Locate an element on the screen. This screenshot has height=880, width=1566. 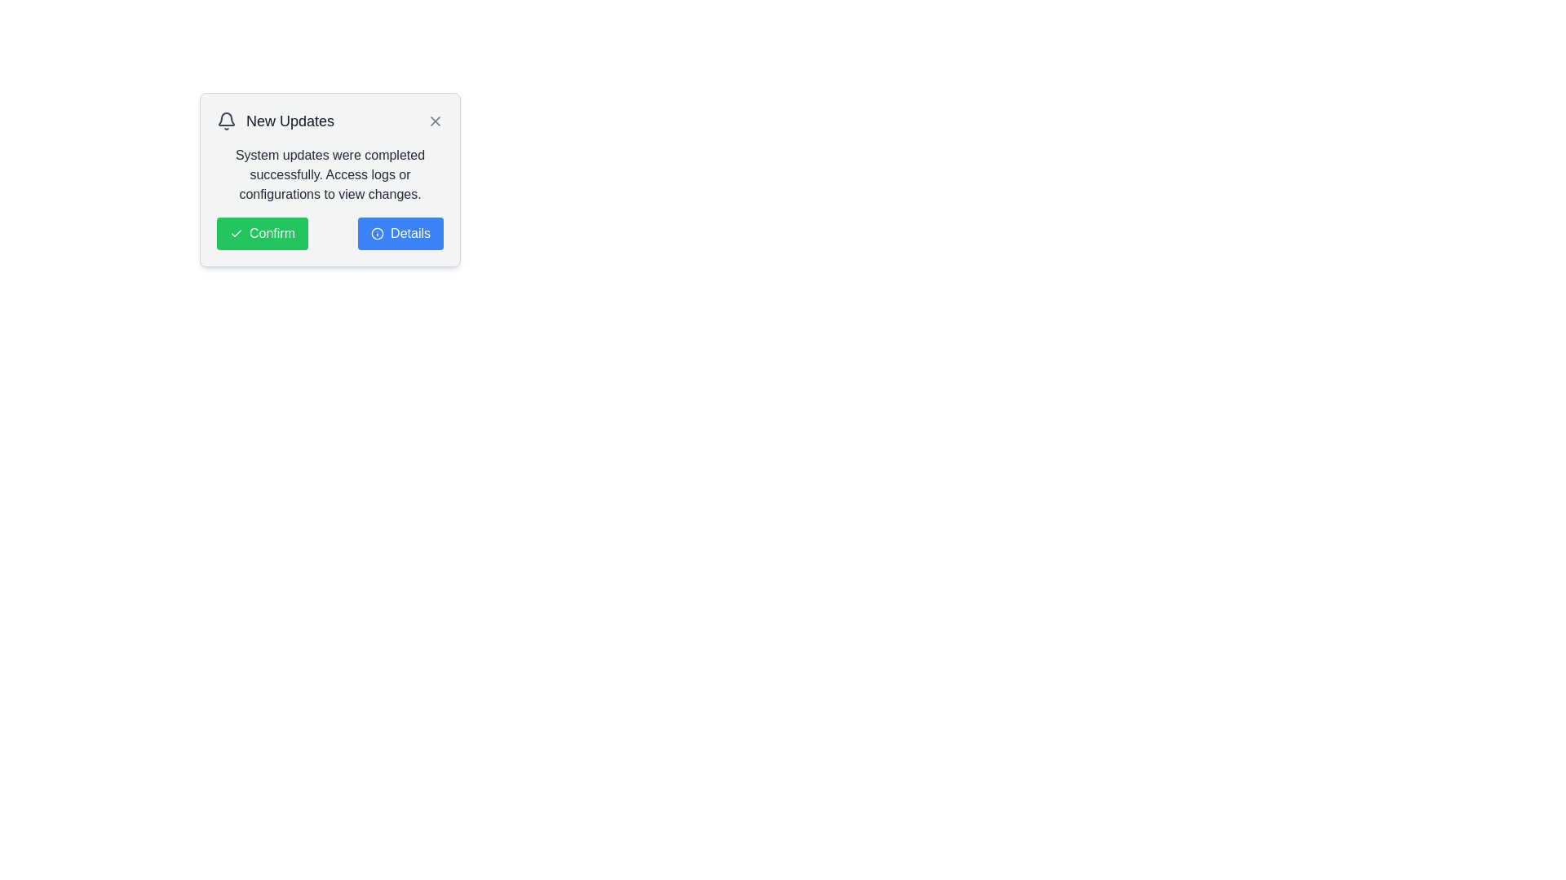
the multi-line text component that displays the message 'System updates were completed successfully' is located at coordinates (329, 175).